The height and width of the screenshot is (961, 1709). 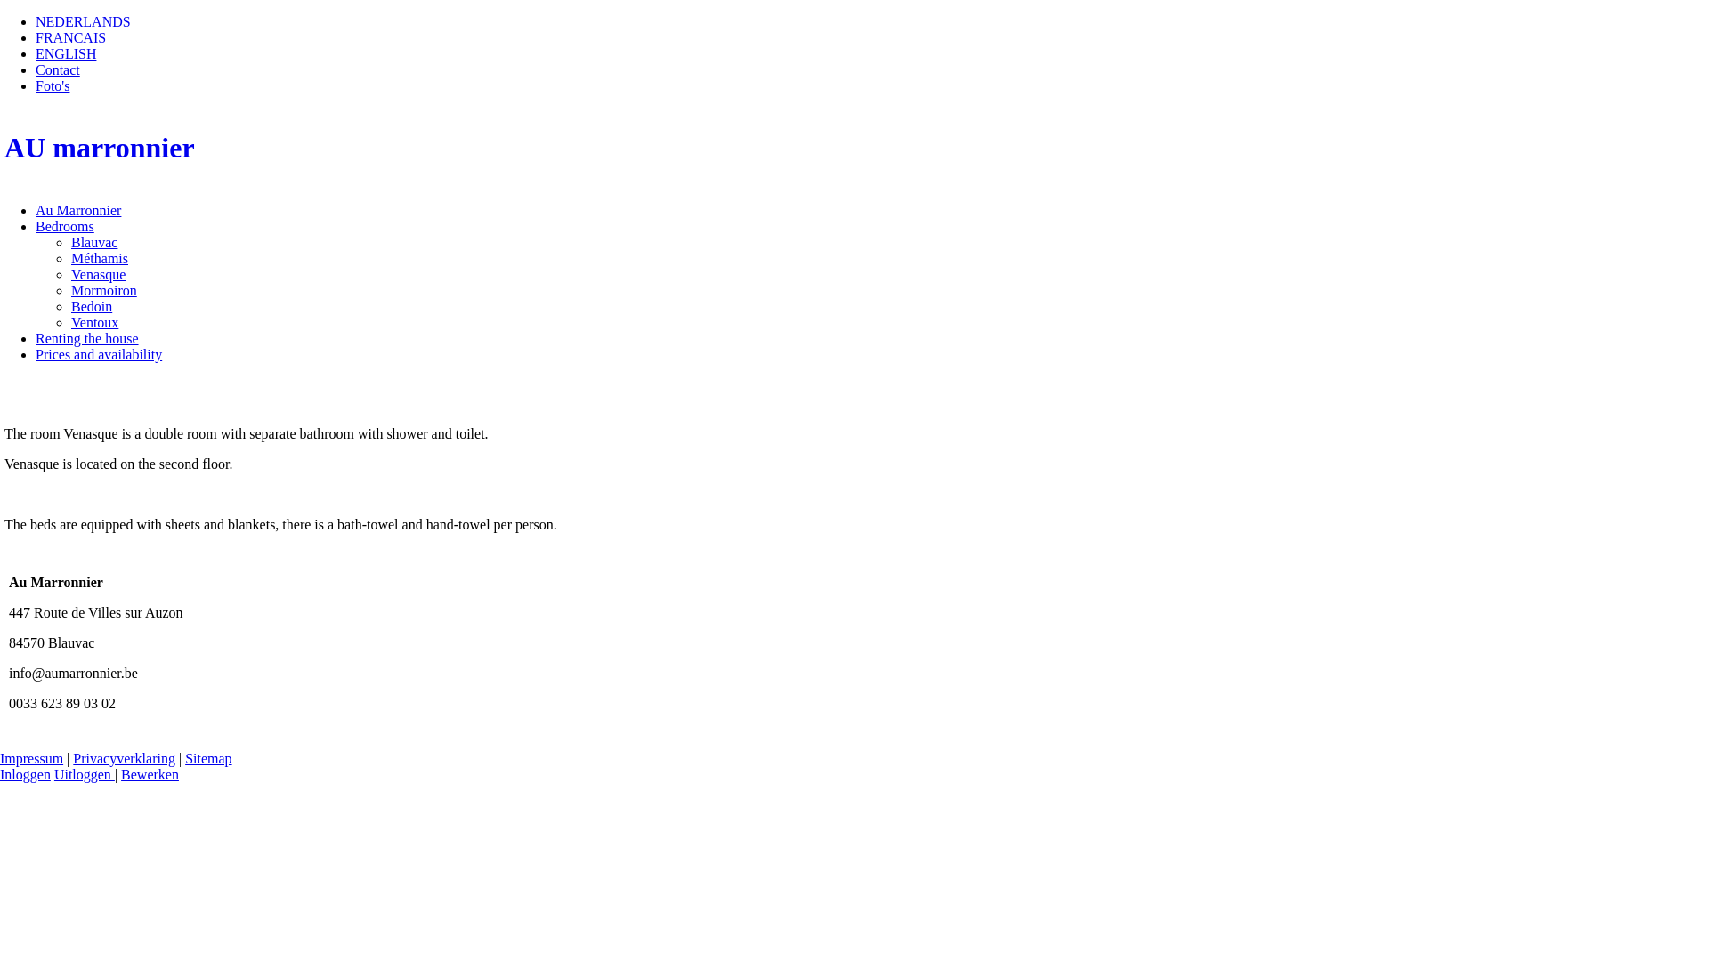 What do you see at coordinates (854, 147) in the screenshot?
I see `'AU marronnier'` at bounding box center [854, 147].